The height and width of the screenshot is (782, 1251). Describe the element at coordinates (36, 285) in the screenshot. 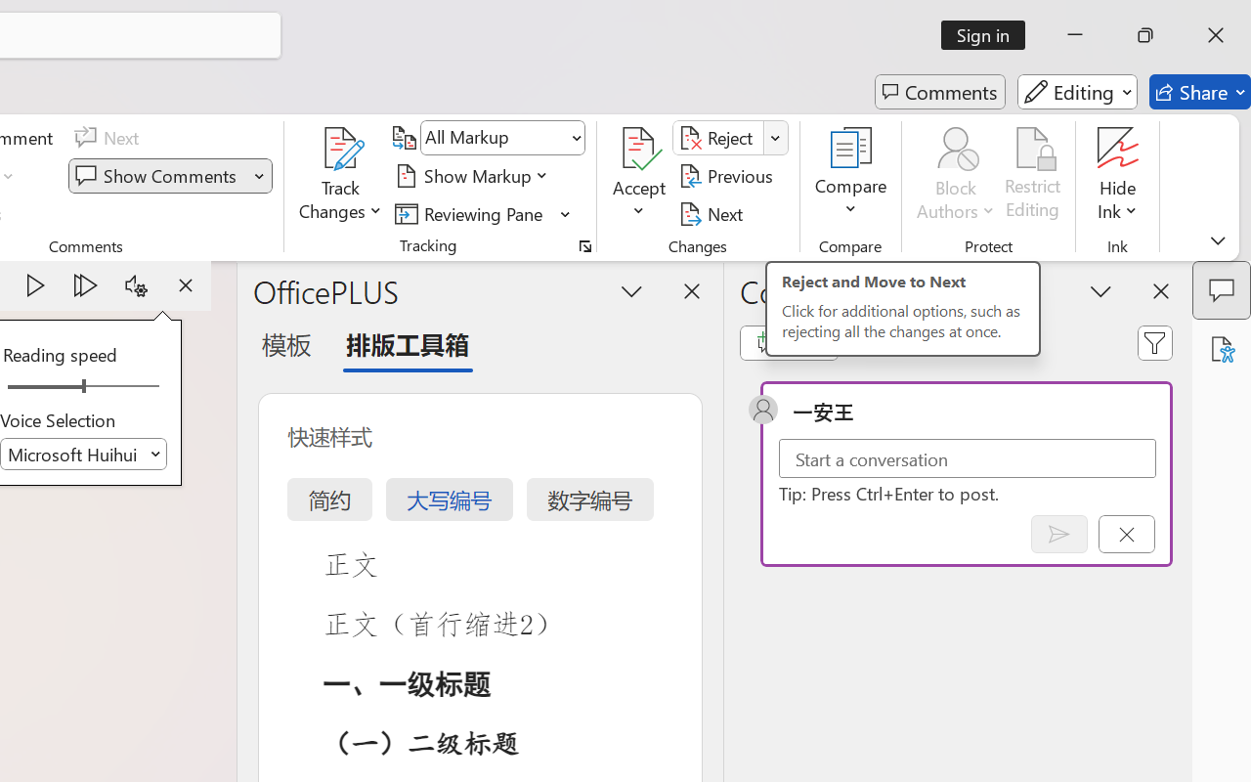

I see `'Play'` at that location.